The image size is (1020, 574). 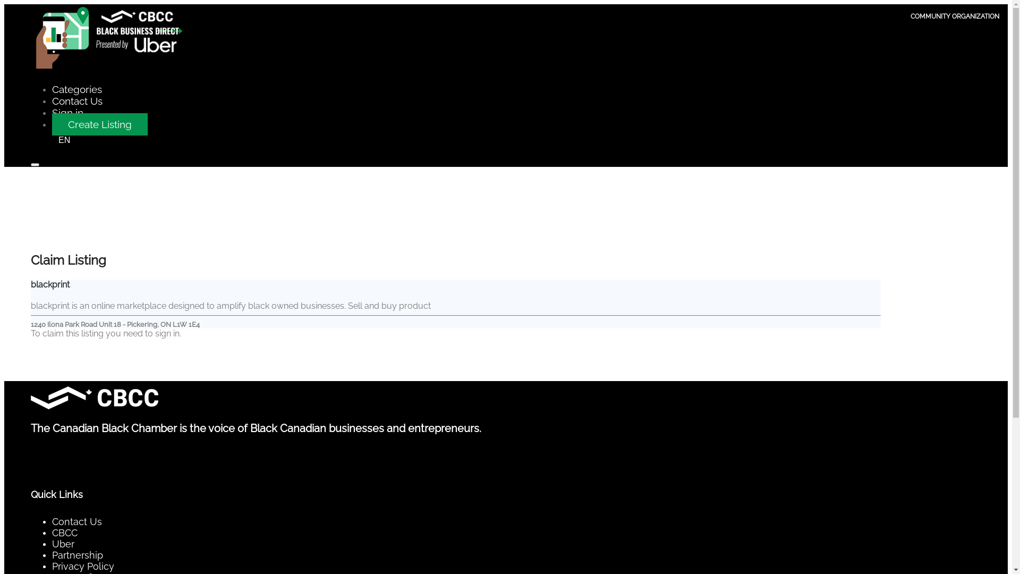 I want to click on 'Partnership', so click(x=76, y=554).